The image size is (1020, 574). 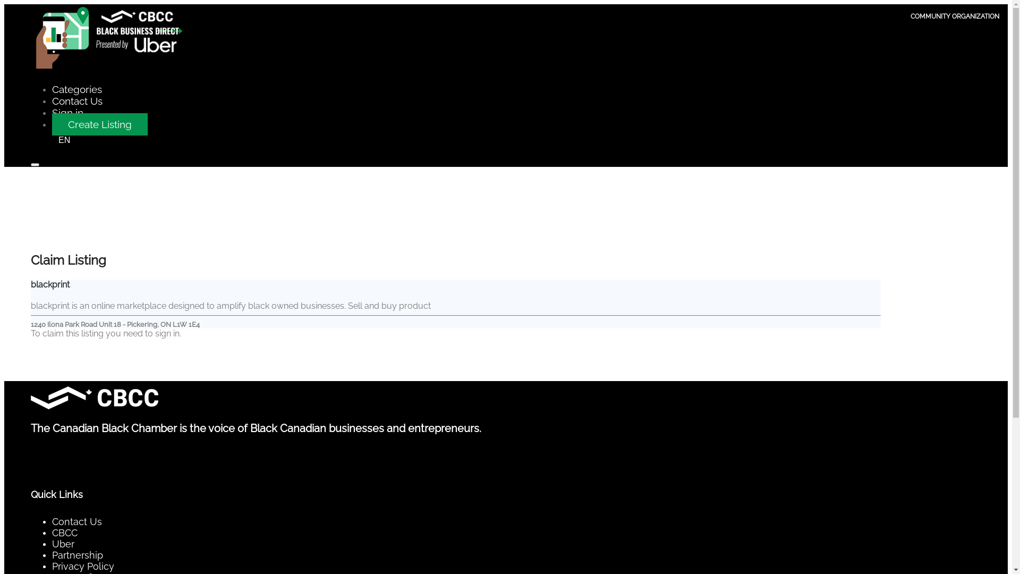 I want to click on 'Partnership', so click(x=76, y=554).